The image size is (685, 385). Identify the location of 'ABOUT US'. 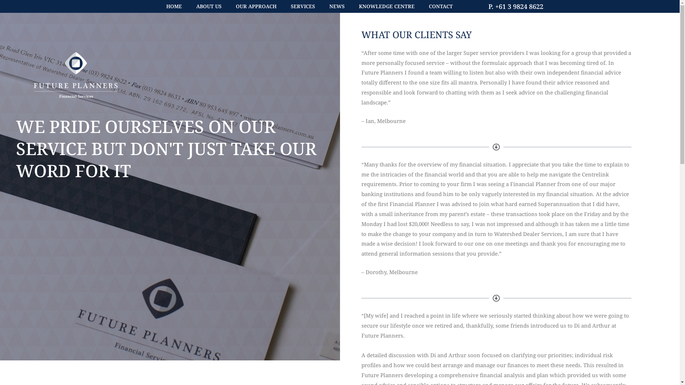
(208, 6).